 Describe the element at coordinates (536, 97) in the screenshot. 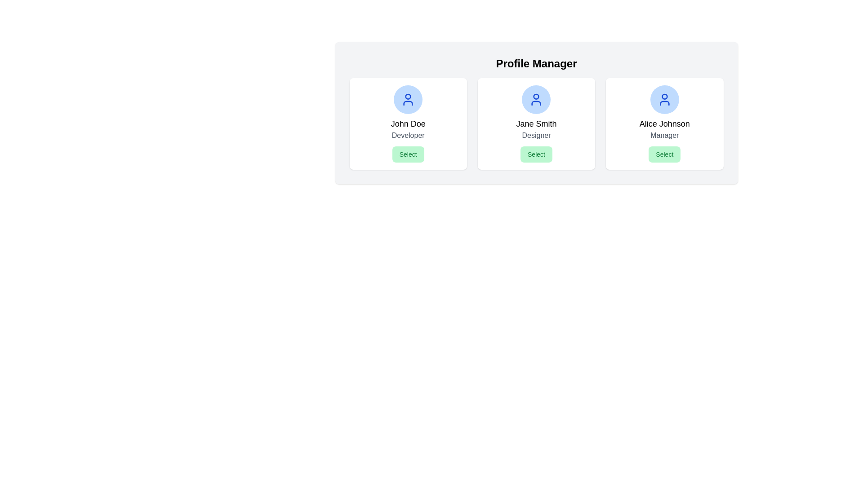

I see `the small circular graphic element with a blue border and white fill located within Jane Smith's profile icon in the Profile Manager interface` at that location.